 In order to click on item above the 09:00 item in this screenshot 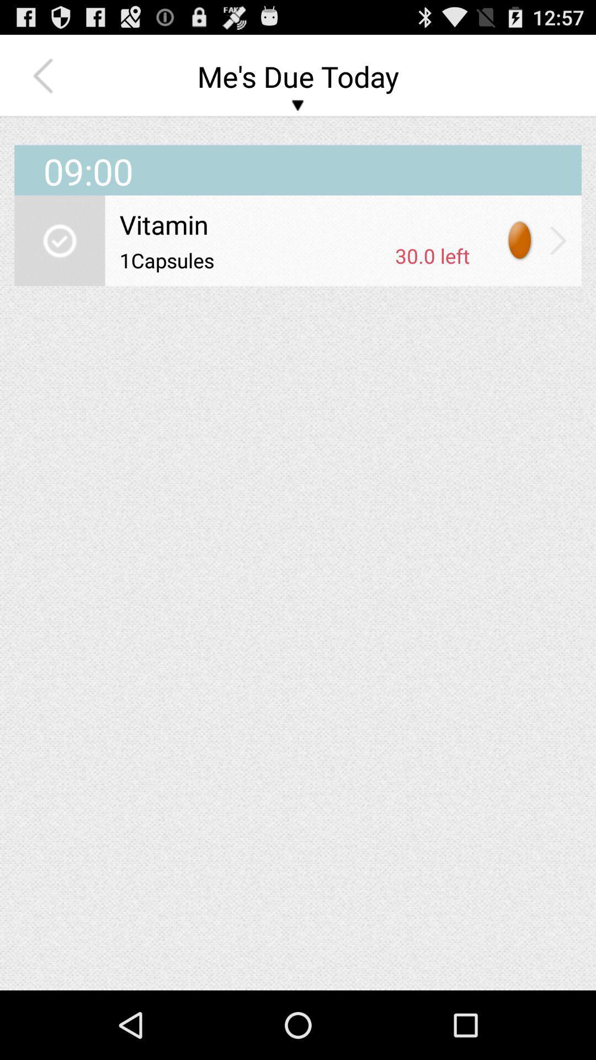, I will do `click(45, 76)`.